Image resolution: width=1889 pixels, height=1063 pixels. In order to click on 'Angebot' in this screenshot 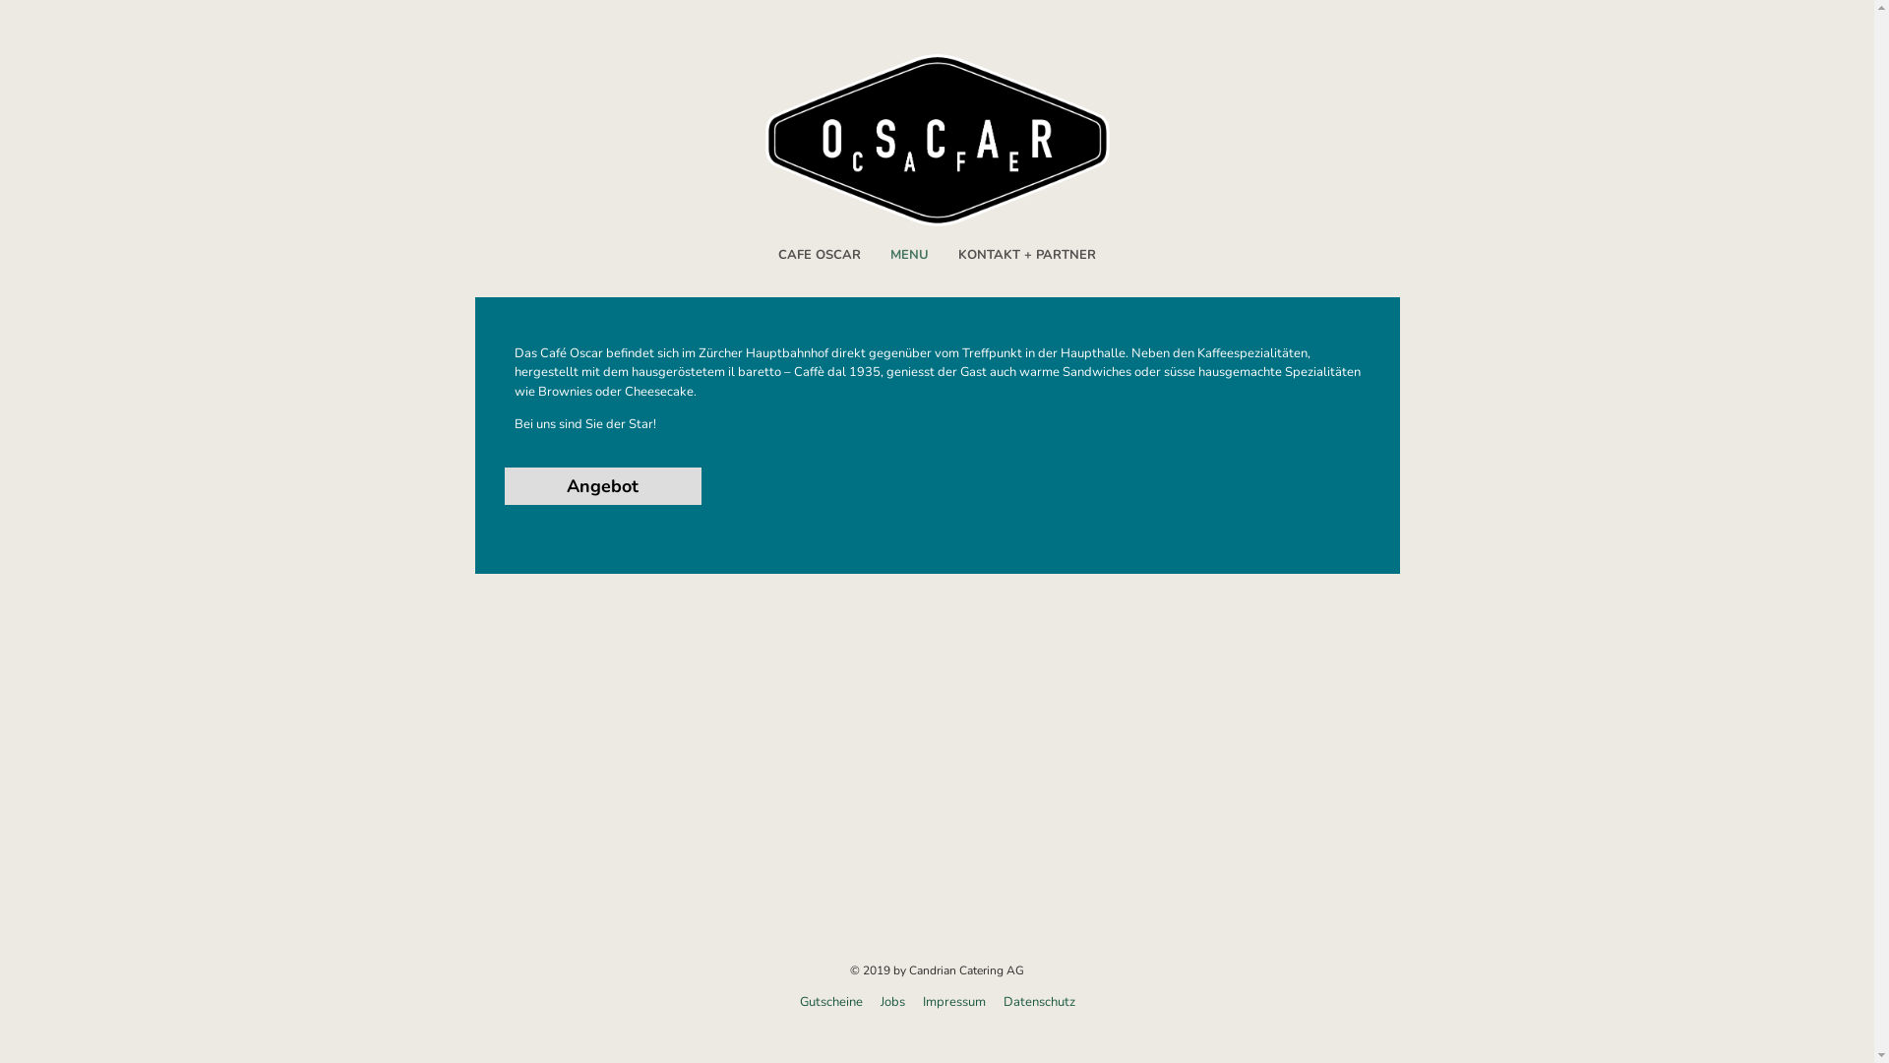, I will do `click(566, 485)`.